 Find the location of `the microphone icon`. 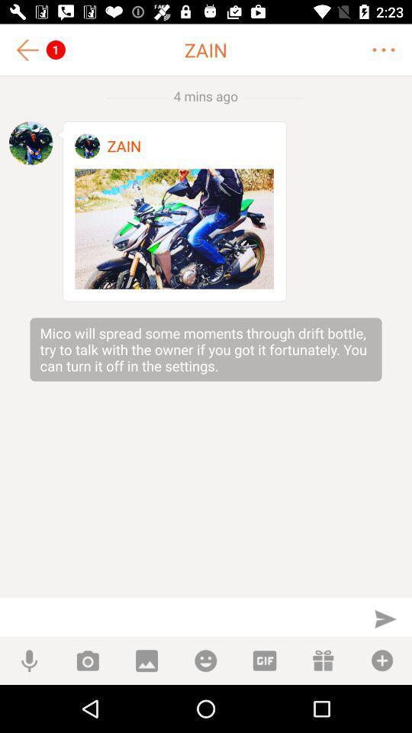

the microphone icon is located at coordinates (29, 660).